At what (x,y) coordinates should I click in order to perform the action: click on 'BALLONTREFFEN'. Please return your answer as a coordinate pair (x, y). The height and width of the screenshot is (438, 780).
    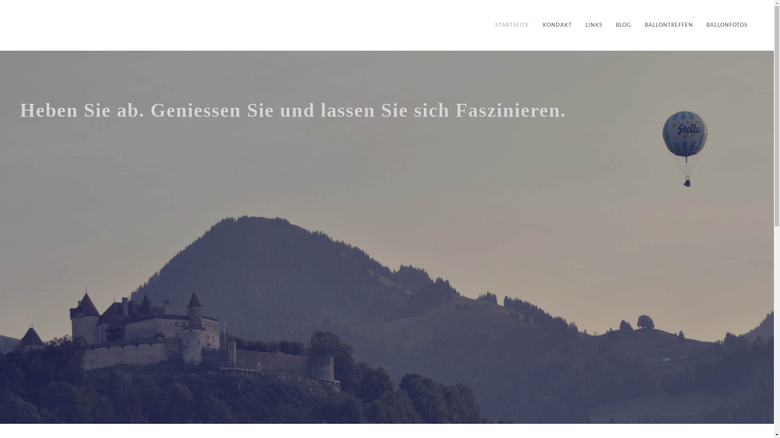
    Looking at the image, I should click on (669, 25).